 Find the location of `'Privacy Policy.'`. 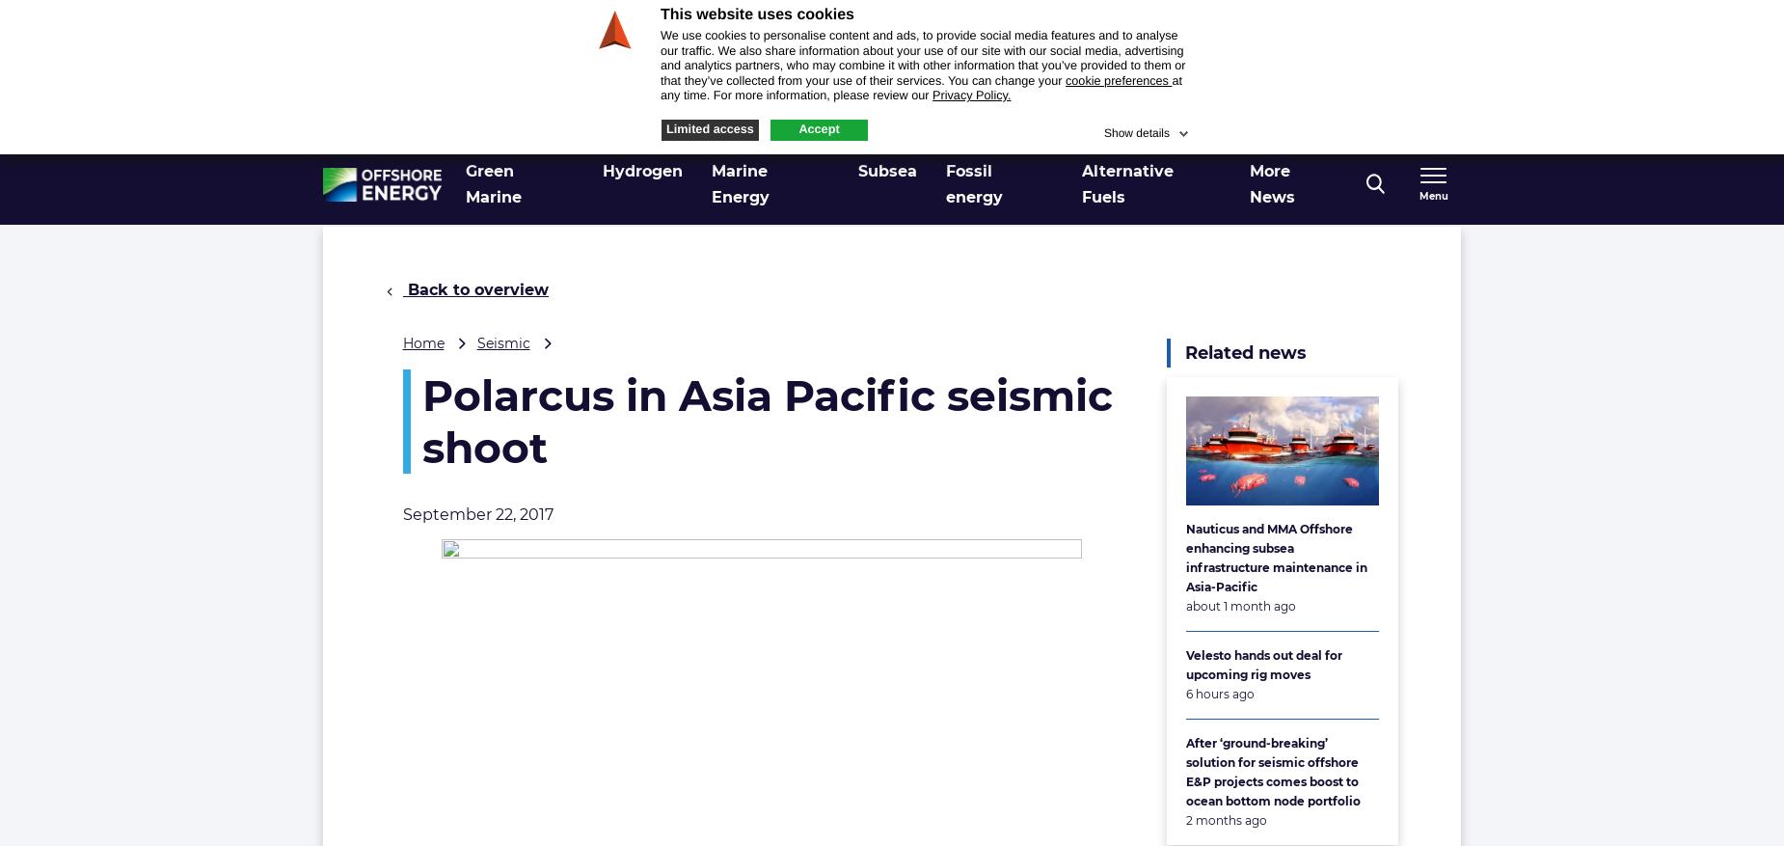

'Privacy Policy.' is located at coordinates (970, 95).